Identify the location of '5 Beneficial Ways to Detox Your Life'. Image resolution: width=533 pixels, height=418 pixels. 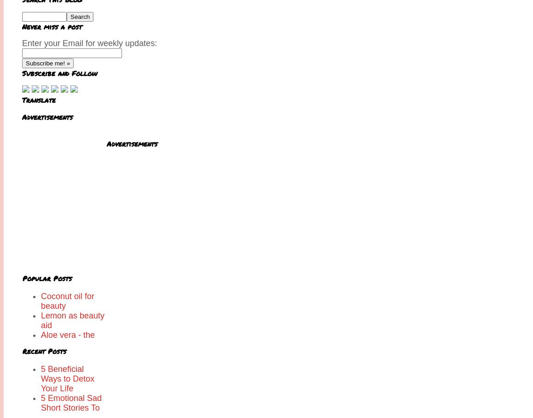
(67, 379).